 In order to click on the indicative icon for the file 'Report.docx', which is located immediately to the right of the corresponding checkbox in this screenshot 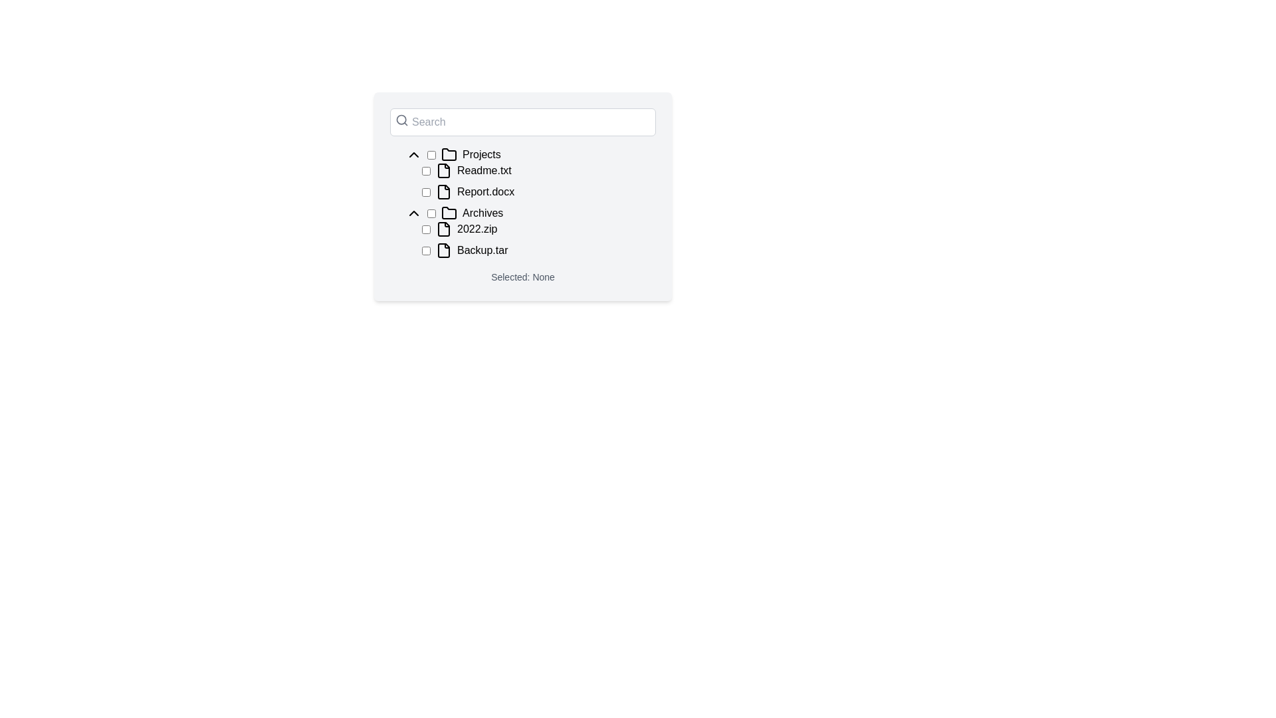, I will do `click(443, 192)`.